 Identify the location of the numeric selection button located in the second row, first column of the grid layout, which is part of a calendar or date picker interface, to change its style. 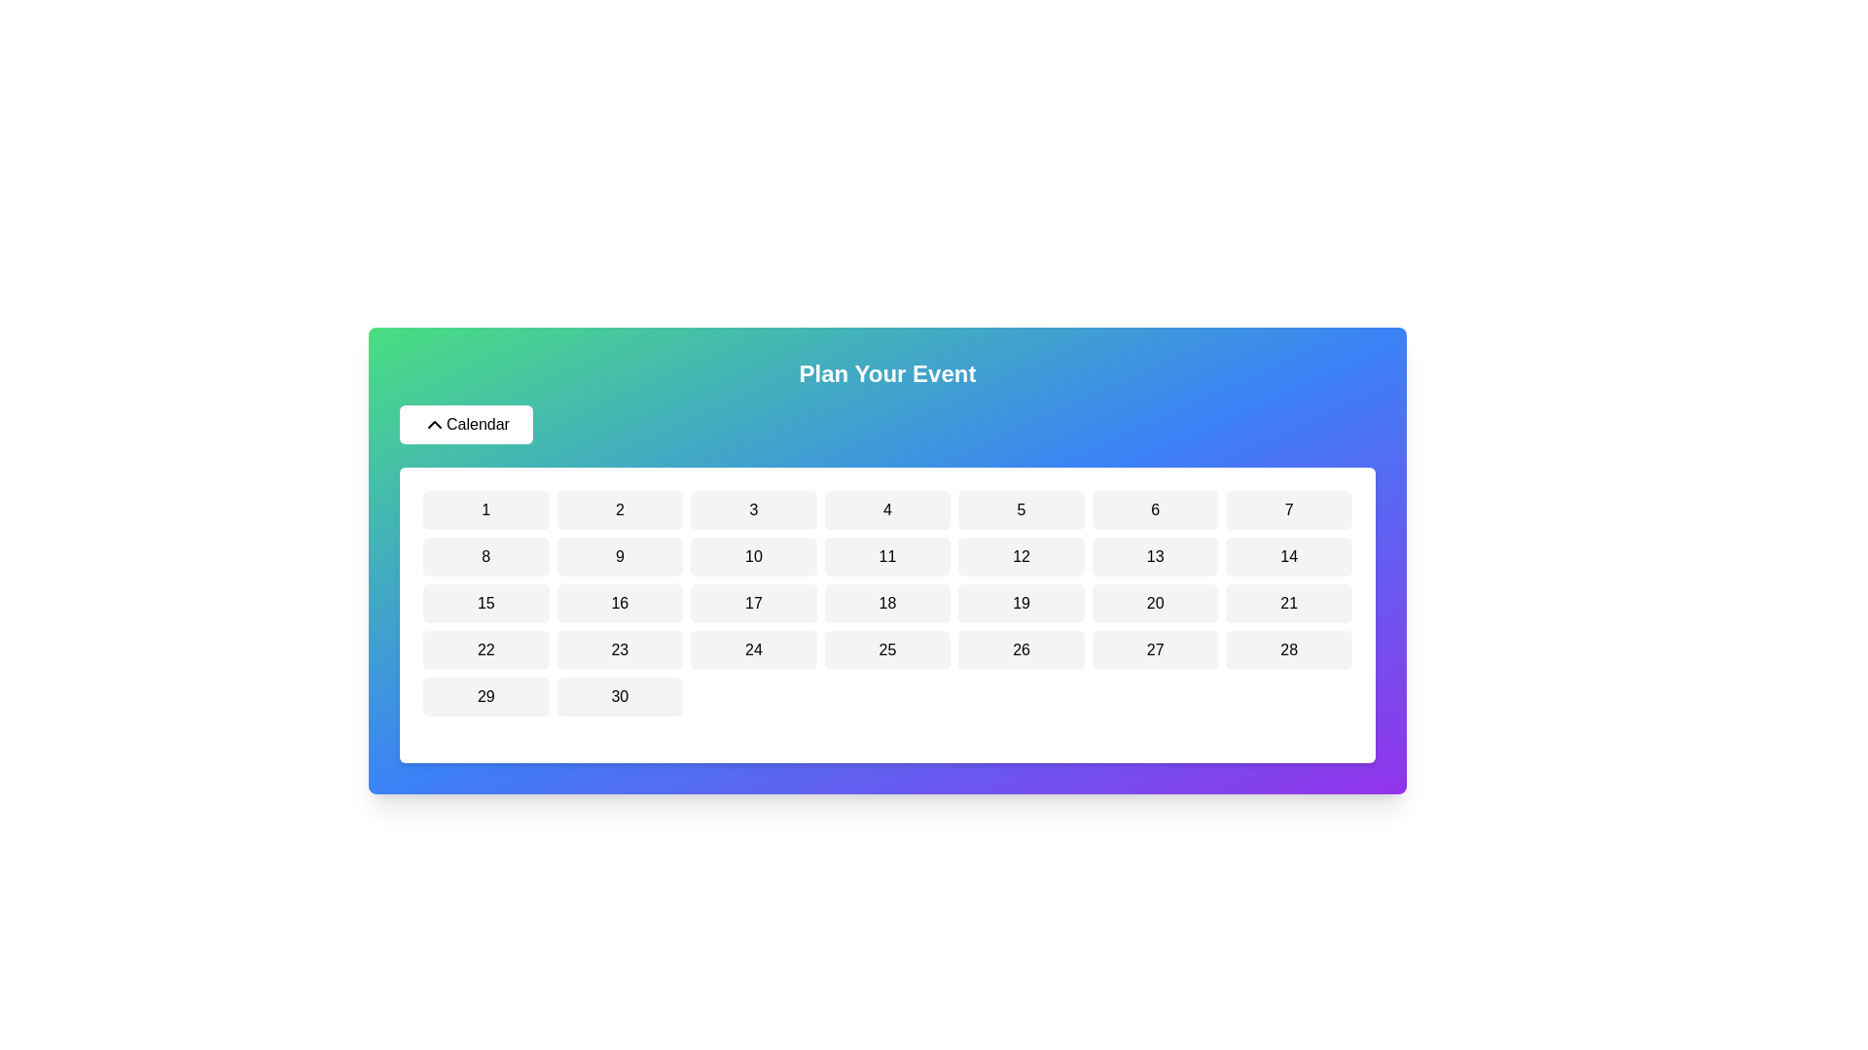
(485, 557).